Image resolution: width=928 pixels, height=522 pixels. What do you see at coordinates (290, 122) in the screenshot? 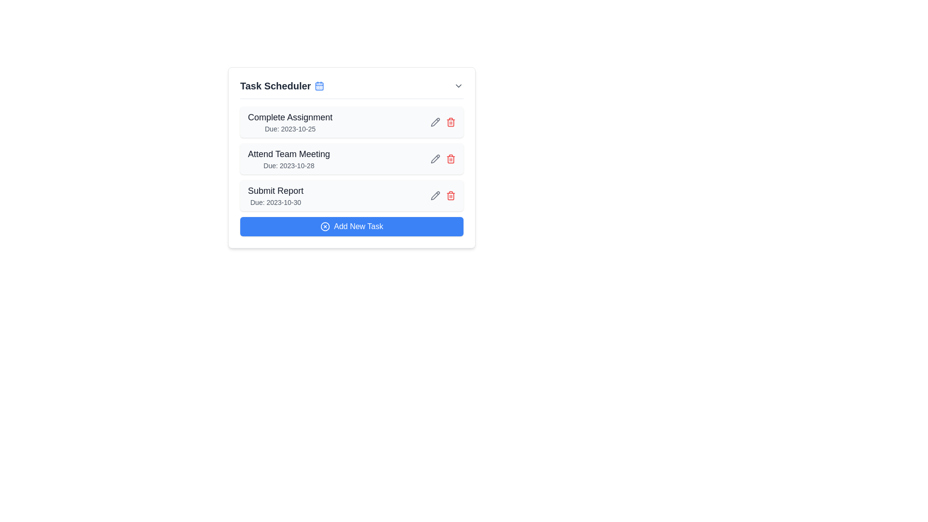
I see `the task name and deadline date text element located in the left portion of the top item in the vertically aligned list of tasks within a card-like structure` at bounding box center [290, 122].